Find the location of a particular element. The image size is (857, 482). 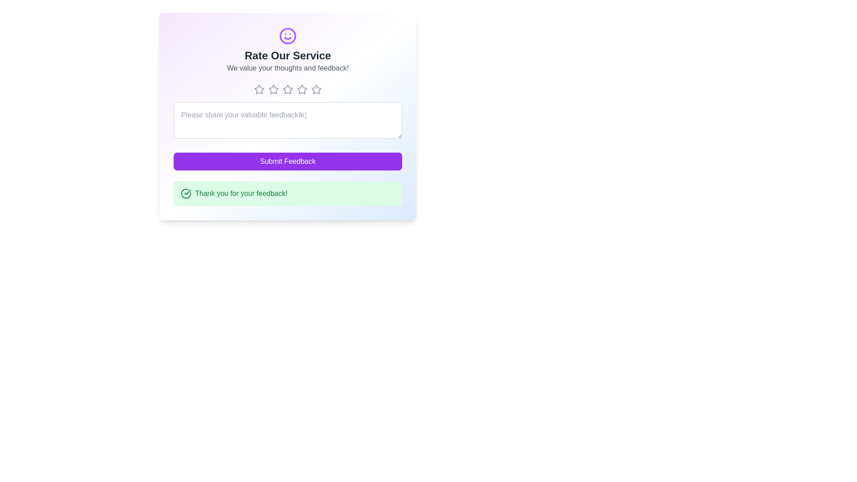

the fourth star icon in the rating system is located at coordinates (316, 89).